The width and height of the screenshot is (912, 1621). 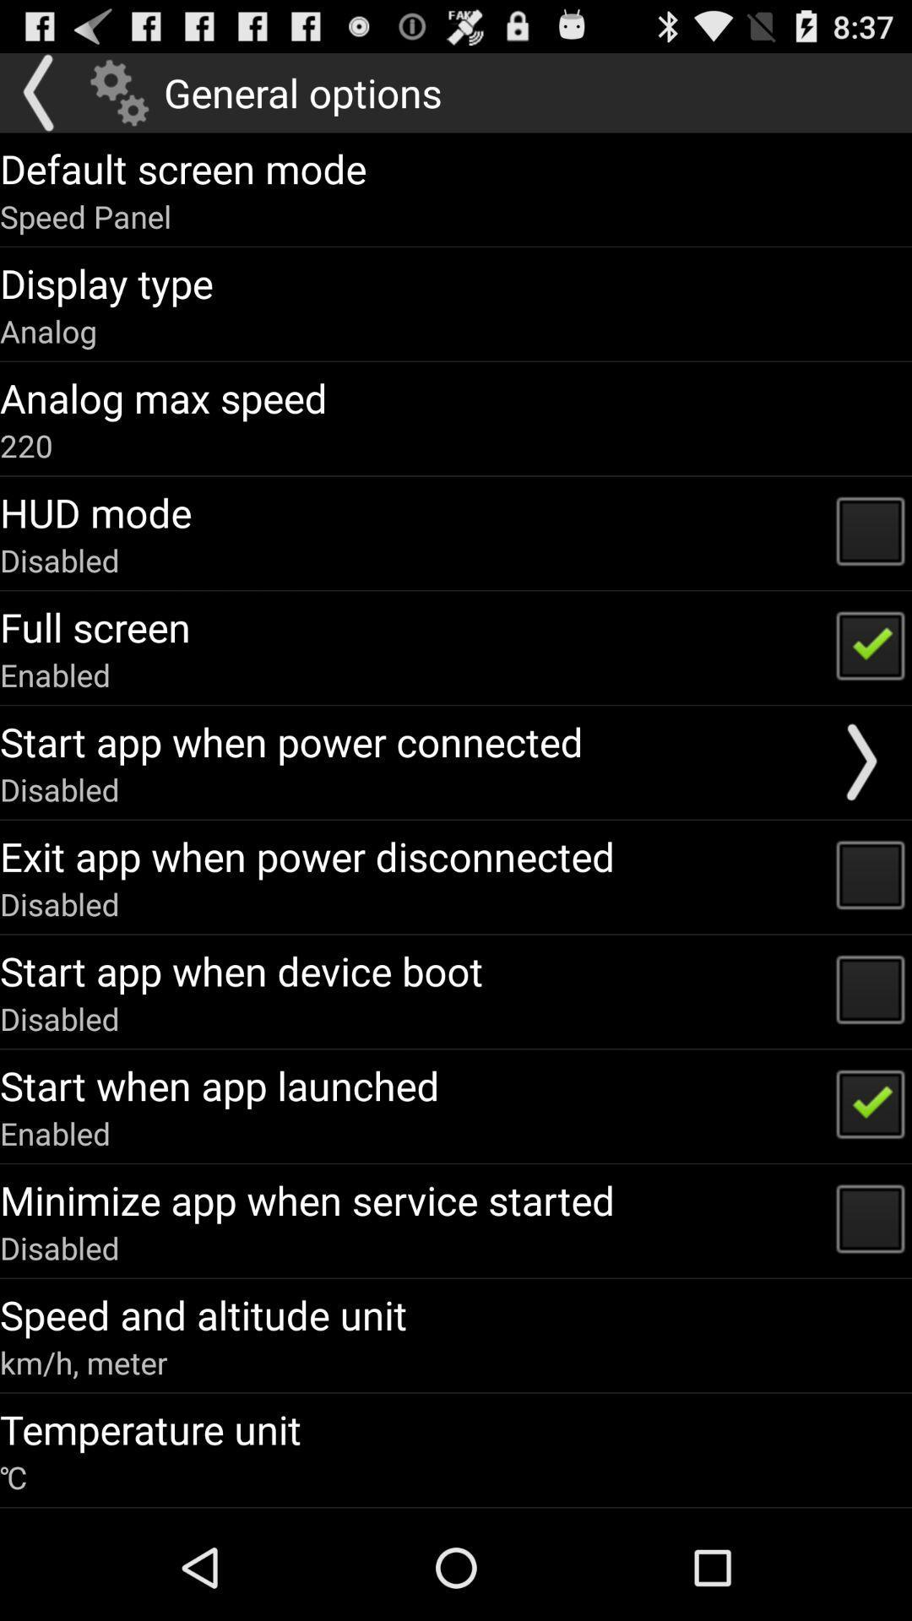 What do you see at coordinates (149, 1429) in the screenshot?
I see `the temperature unit` at bounding box center [149, 1429].